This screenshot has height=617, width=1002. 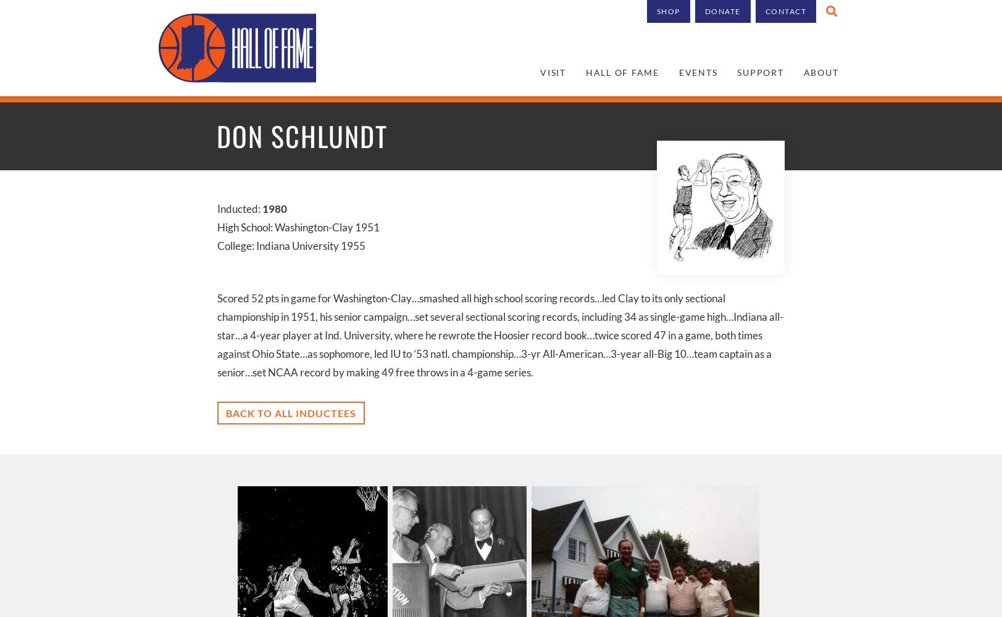 What do you see at coordinates (667, 10) in the screenshot?
I see `'Shop'` at bounding box center [667, 10].